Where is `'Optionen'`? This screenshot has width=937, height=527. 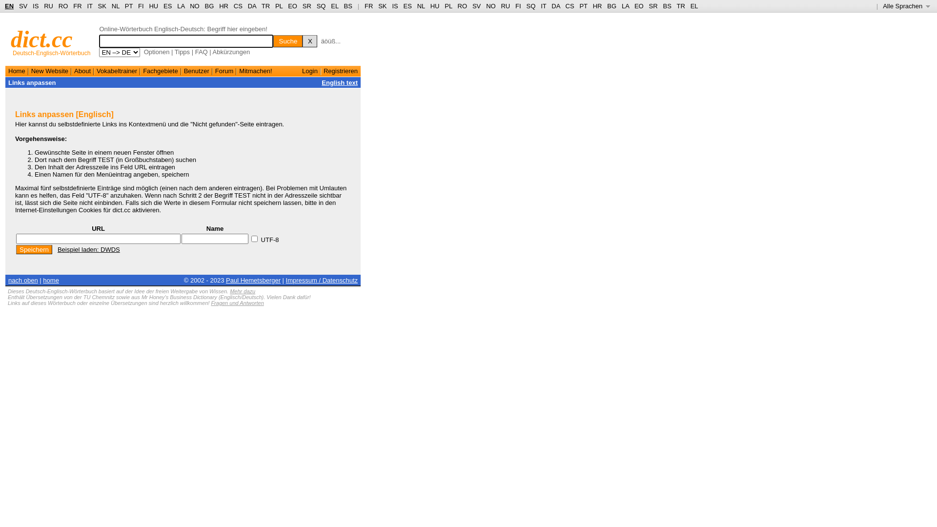 'Optionen' is located at coordinates (157, 52).